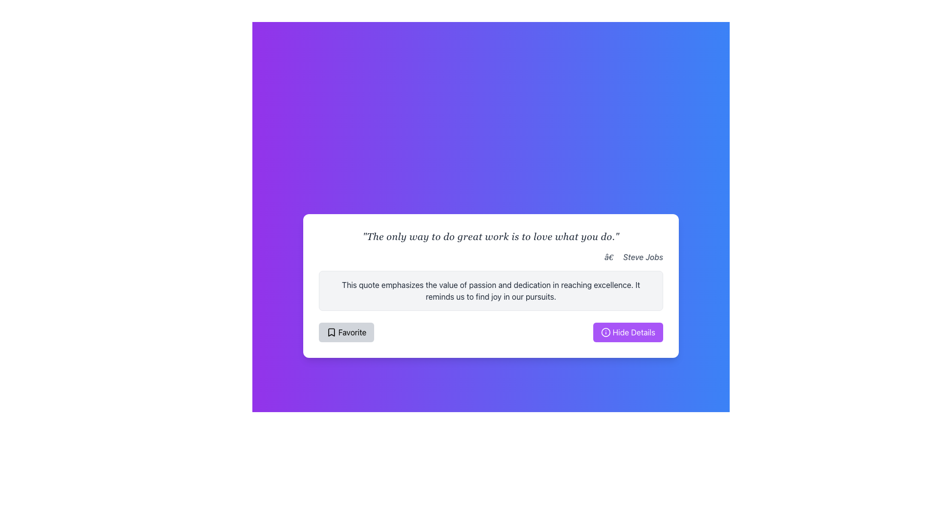 The height and width of the screenshot is (528, 939). Describe the element at coordinates (634, 256) in the screenshot. I see `the text label attributing the quote to 'Steve Jobs' located at the bottom right corner of the quote box` at that location.